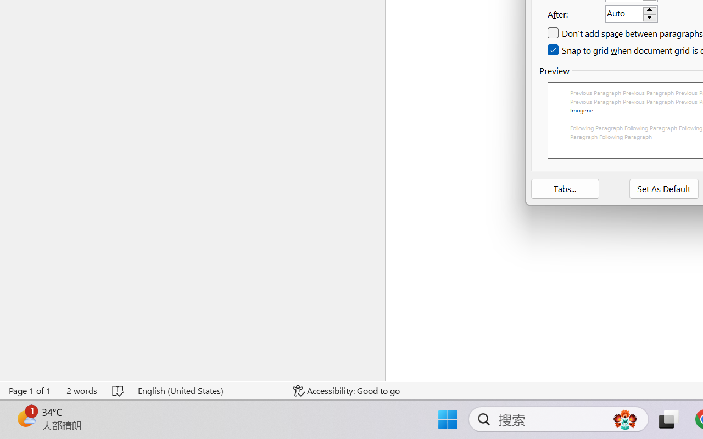  I want to click on 'Tabs...', so click(565, 189).